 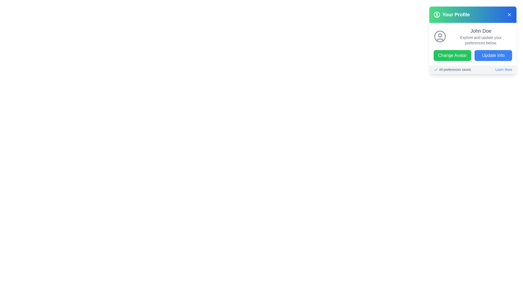 I want to click on the small green checkmark icon located at the start of the notification bar, so click(x=435, y=69).